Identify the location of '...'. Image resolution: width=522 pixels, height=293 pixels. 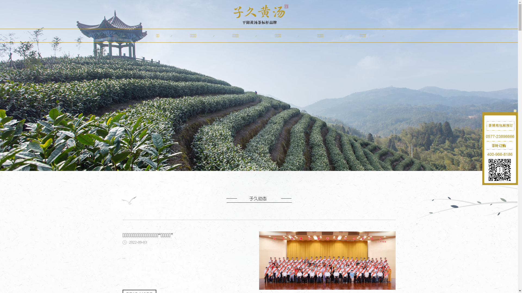
(123, 257).